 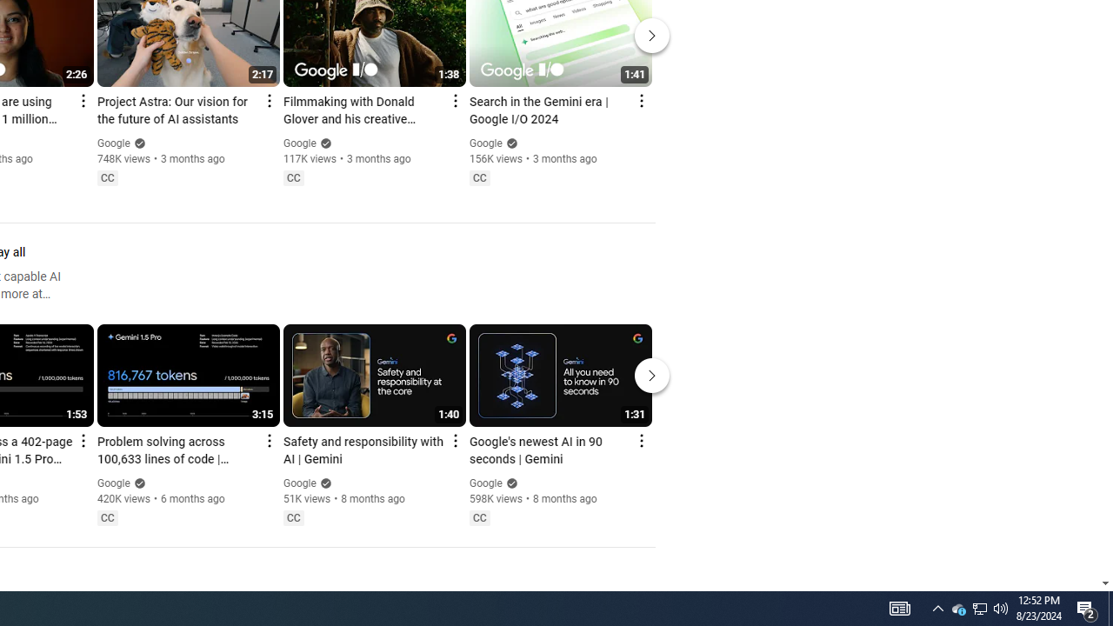 I want to click on 'Google', so click(x=485, y=483).